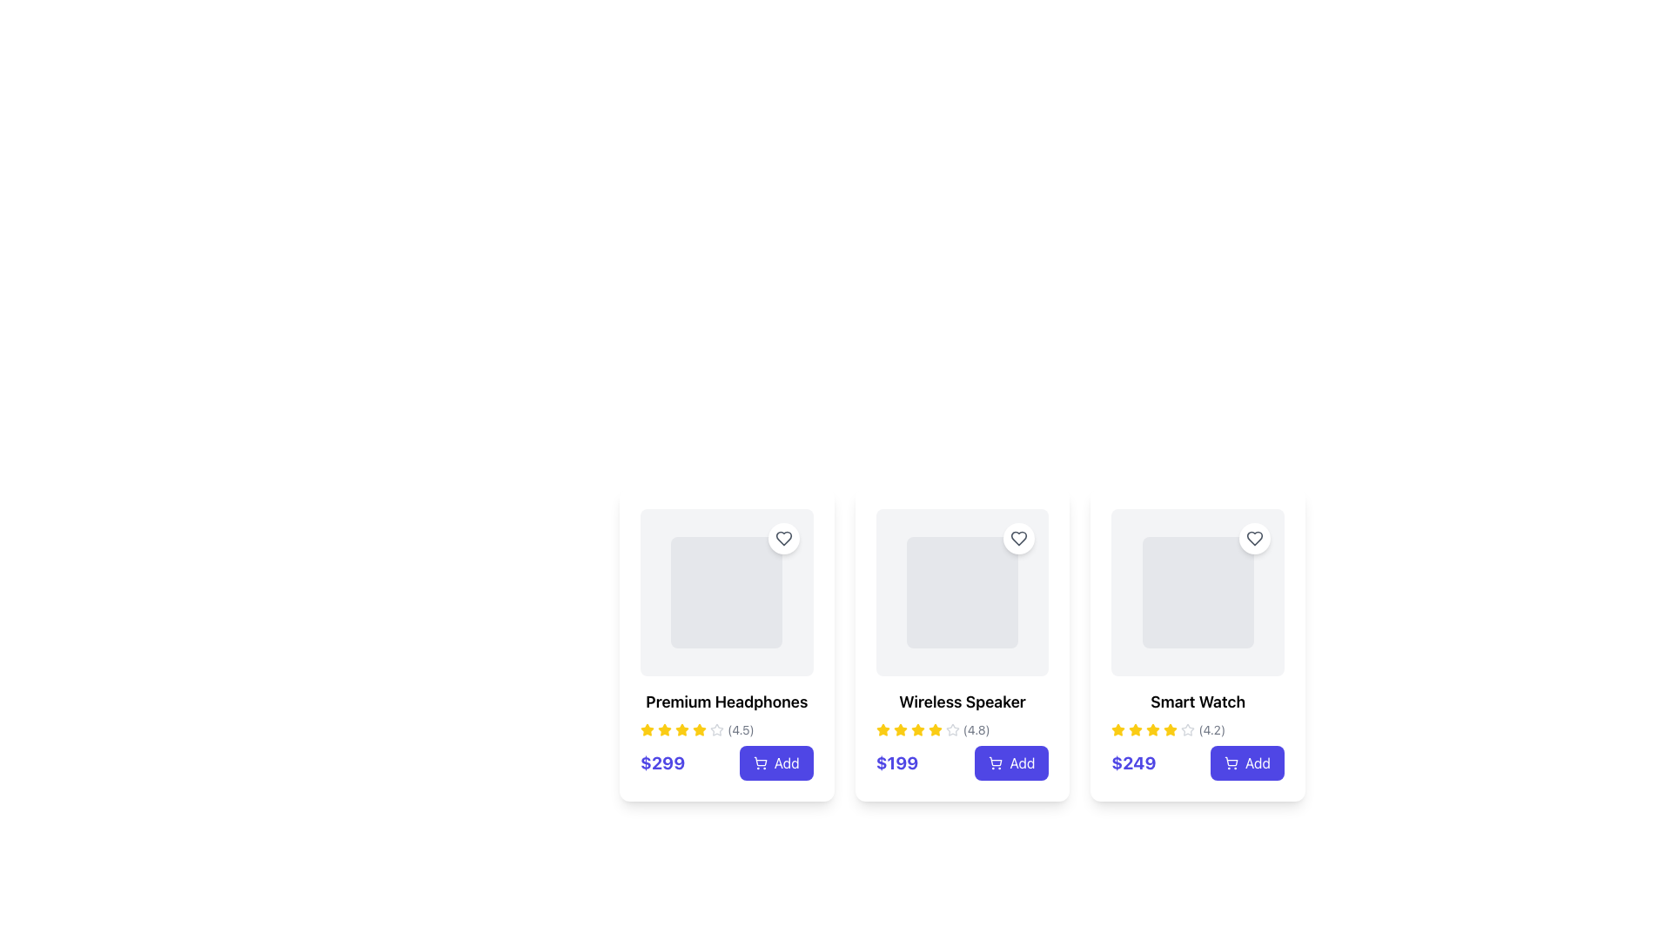  I want to click on the third yellow rating star under the 'Smart Watch' product to interact with the rating, so click(1171, 729).